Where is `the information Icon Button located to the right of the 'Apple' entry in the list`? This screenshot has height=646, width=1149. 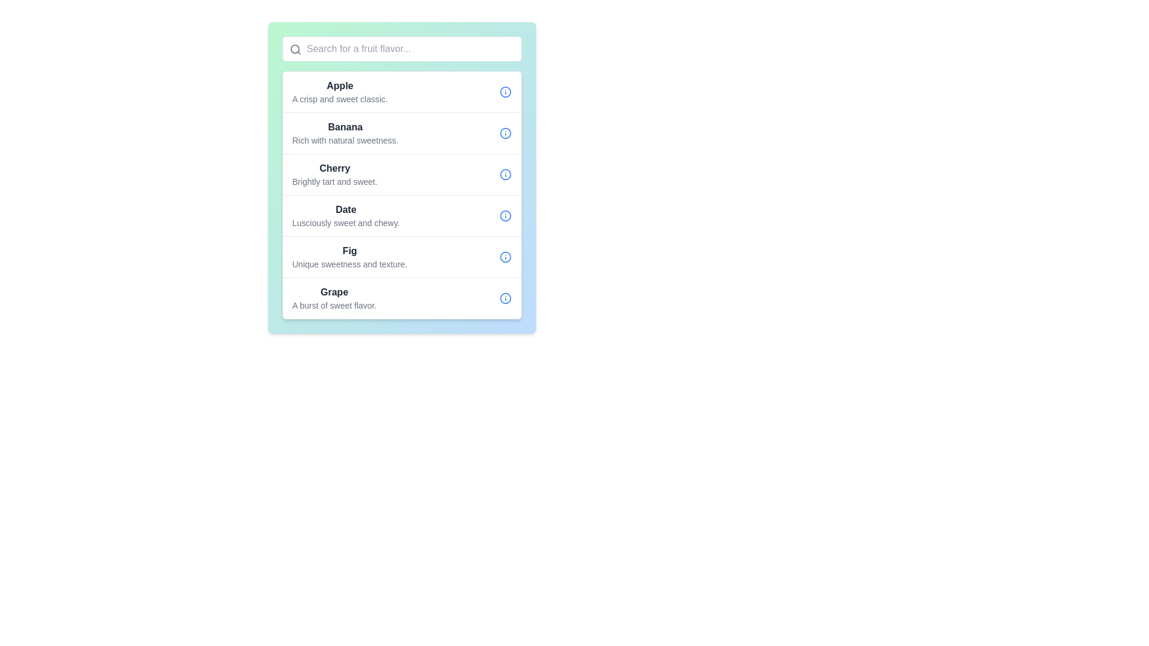 the information Icon Button located to the right of the 'Apple' entry in the list is located at coordinates (505, 92).